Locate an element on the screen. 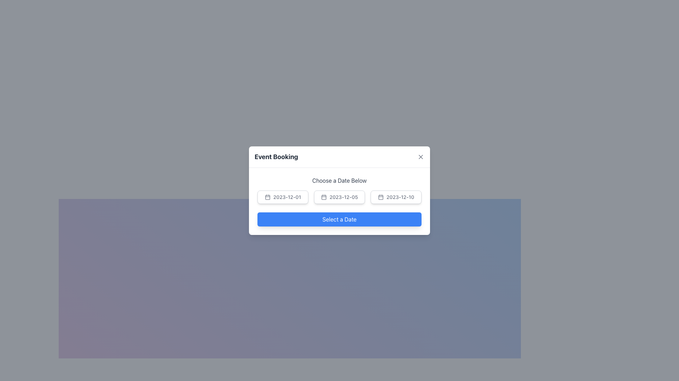 The image size is (679, 381). the date selection button representing '2023-12-10' in the event booking interface for further navigation is located at coordinates (380, 197).